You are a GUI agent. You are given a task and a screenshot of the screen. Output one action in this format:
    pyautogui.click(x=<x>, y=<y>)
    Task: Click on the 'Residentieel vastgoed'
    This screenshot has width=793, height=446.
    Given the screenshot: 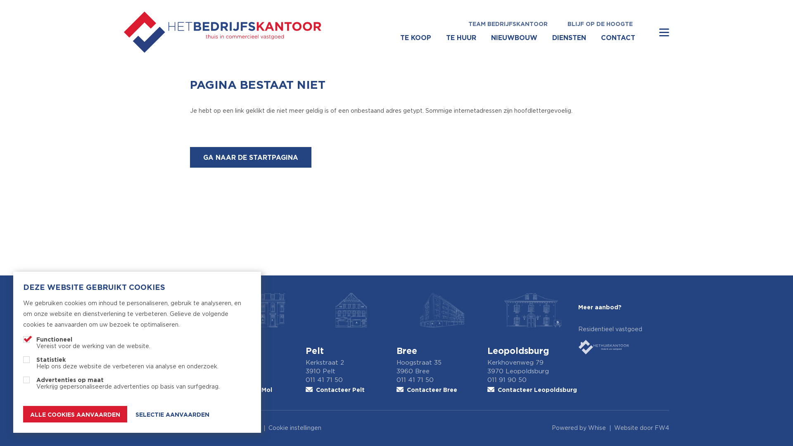 What is the action you would take?
    pyautogui.click(x=624, y=341)
    